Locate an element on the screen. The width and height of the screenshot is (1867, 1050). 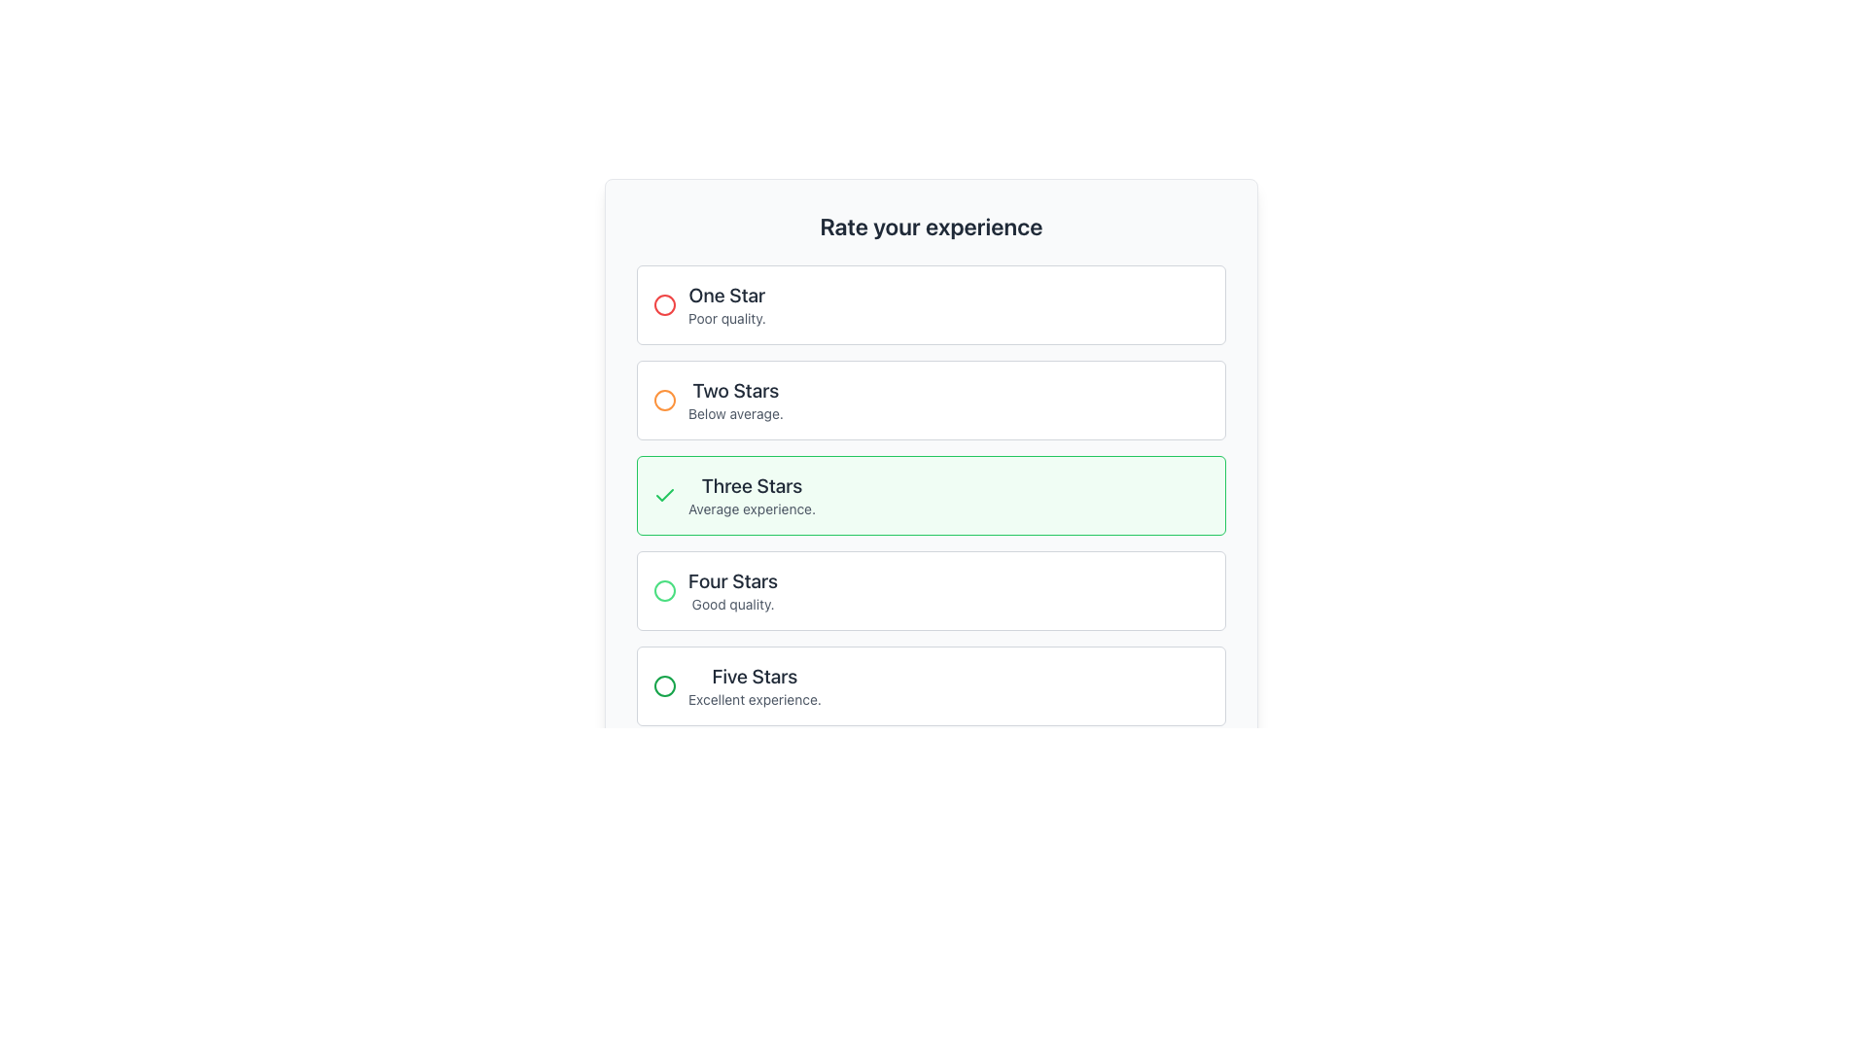
the 'One Star' rating icon located to the far left of the associated text is located at coordinates (665, 304).